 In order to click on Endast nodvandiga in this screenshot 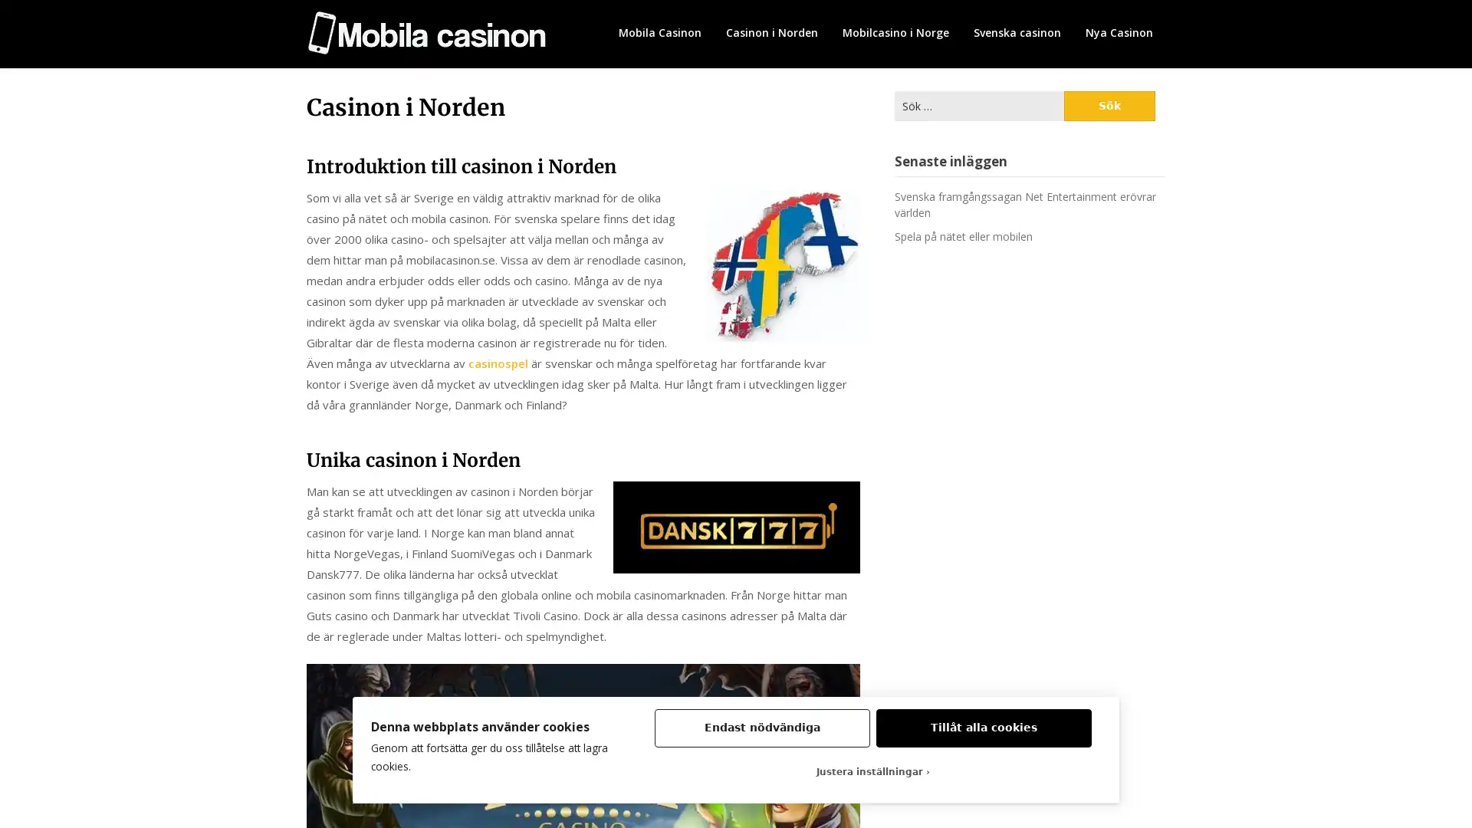, I will do `click(761, 727)`.